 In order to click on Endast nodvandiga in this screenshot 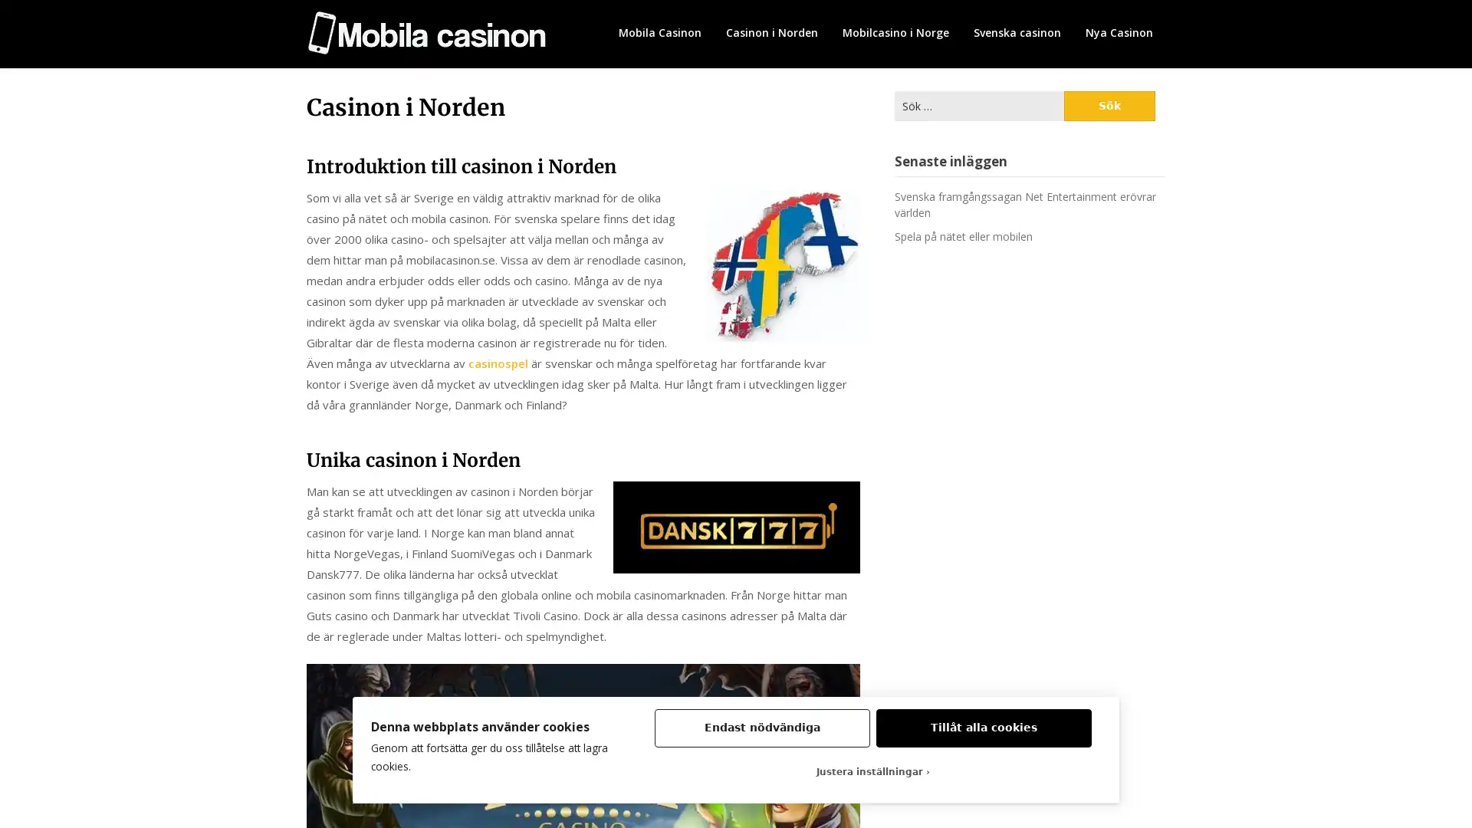, I will do `click(761, 727)`.